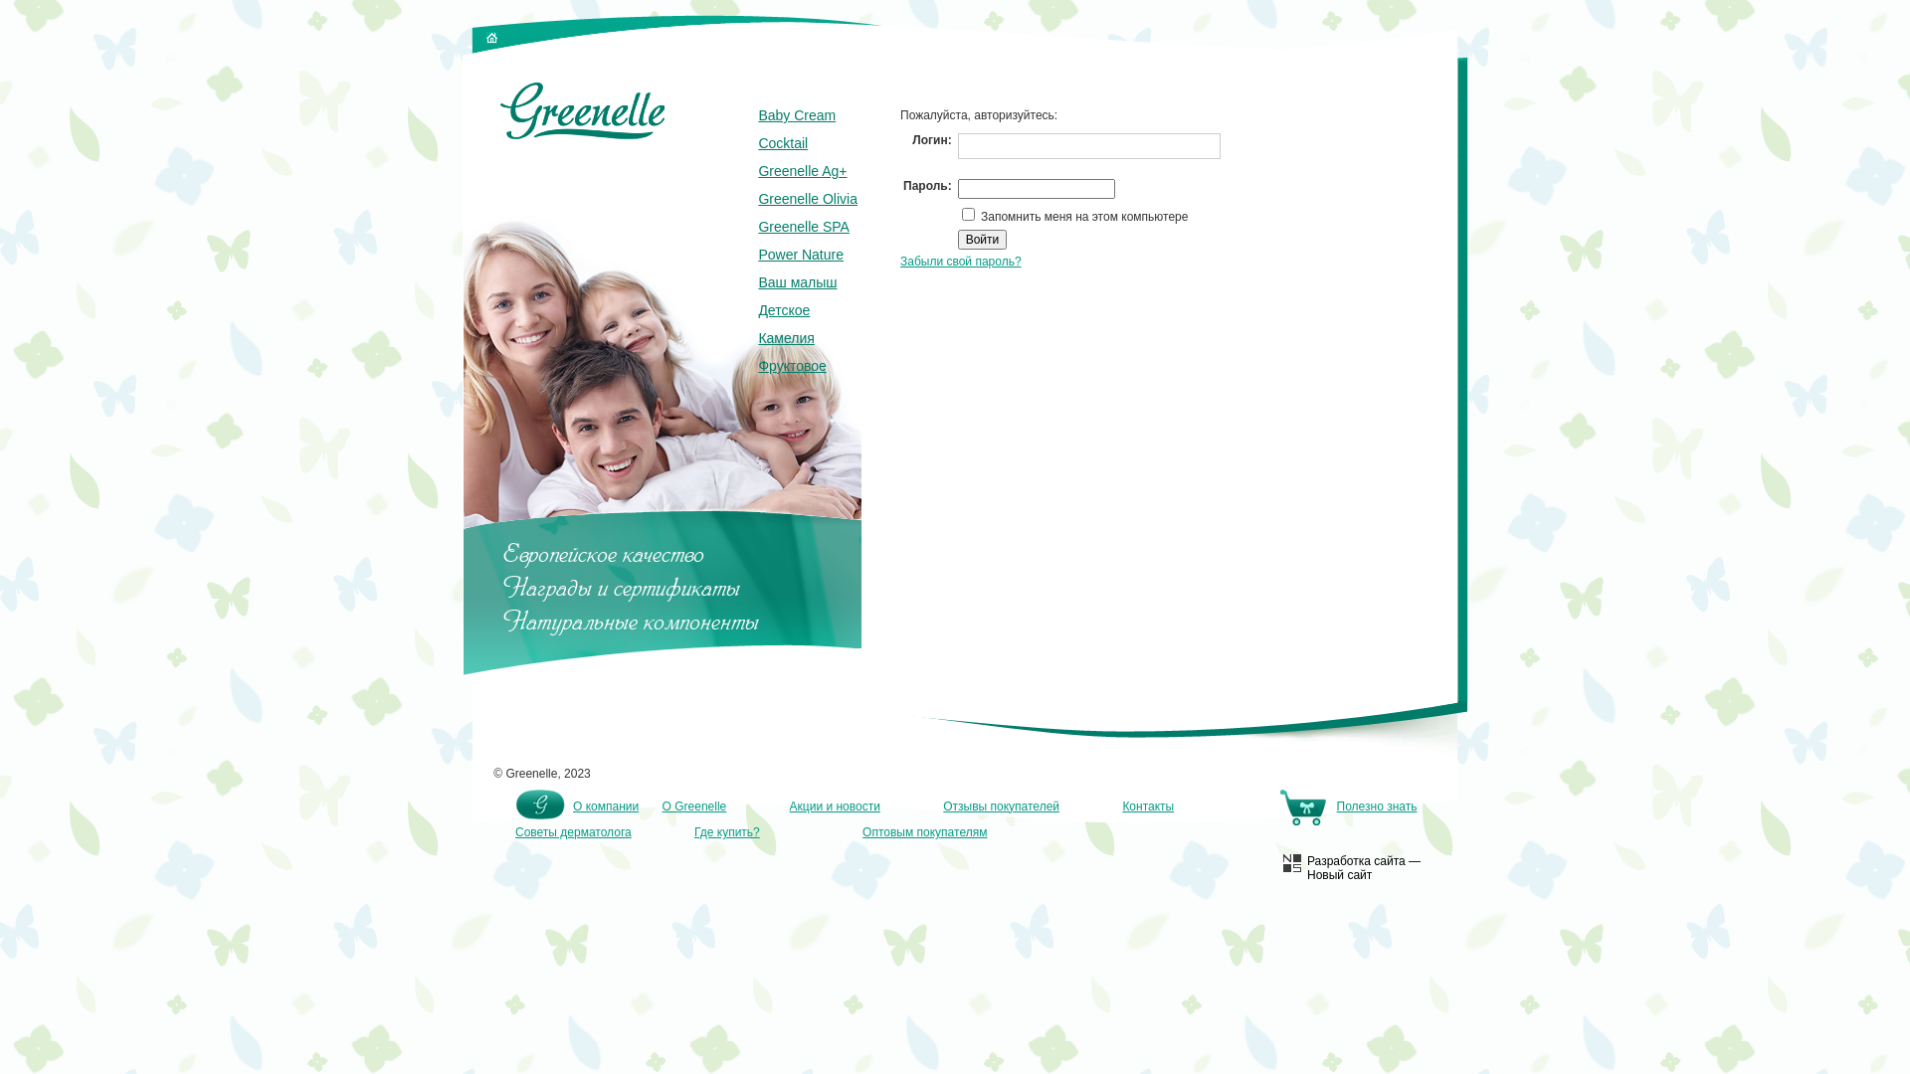  What do you see at coordinates (807, 170) in the screenshot?
I see `'Greenelle Ag+'` at bounding box center [807, 170].